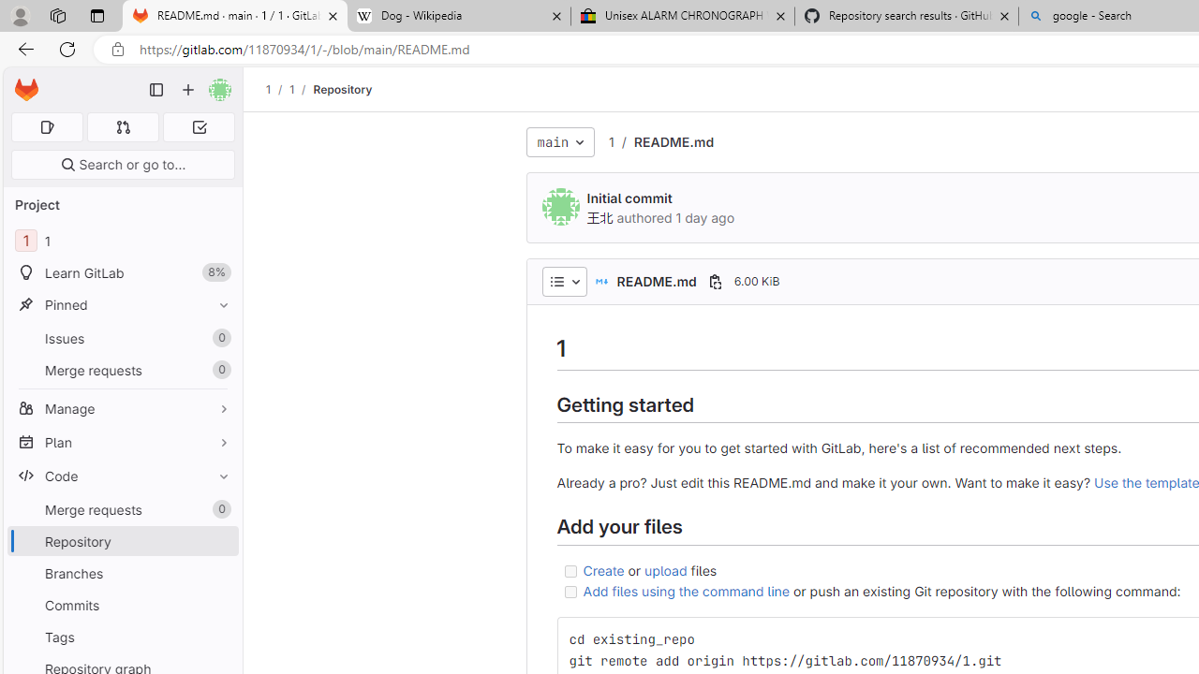 Image resolution: width=1199 pixels, height=674 pixels. Describe the element at coordinates (122, 272) in the screenshot. I see `'Learn GitLab8%'` at that location.